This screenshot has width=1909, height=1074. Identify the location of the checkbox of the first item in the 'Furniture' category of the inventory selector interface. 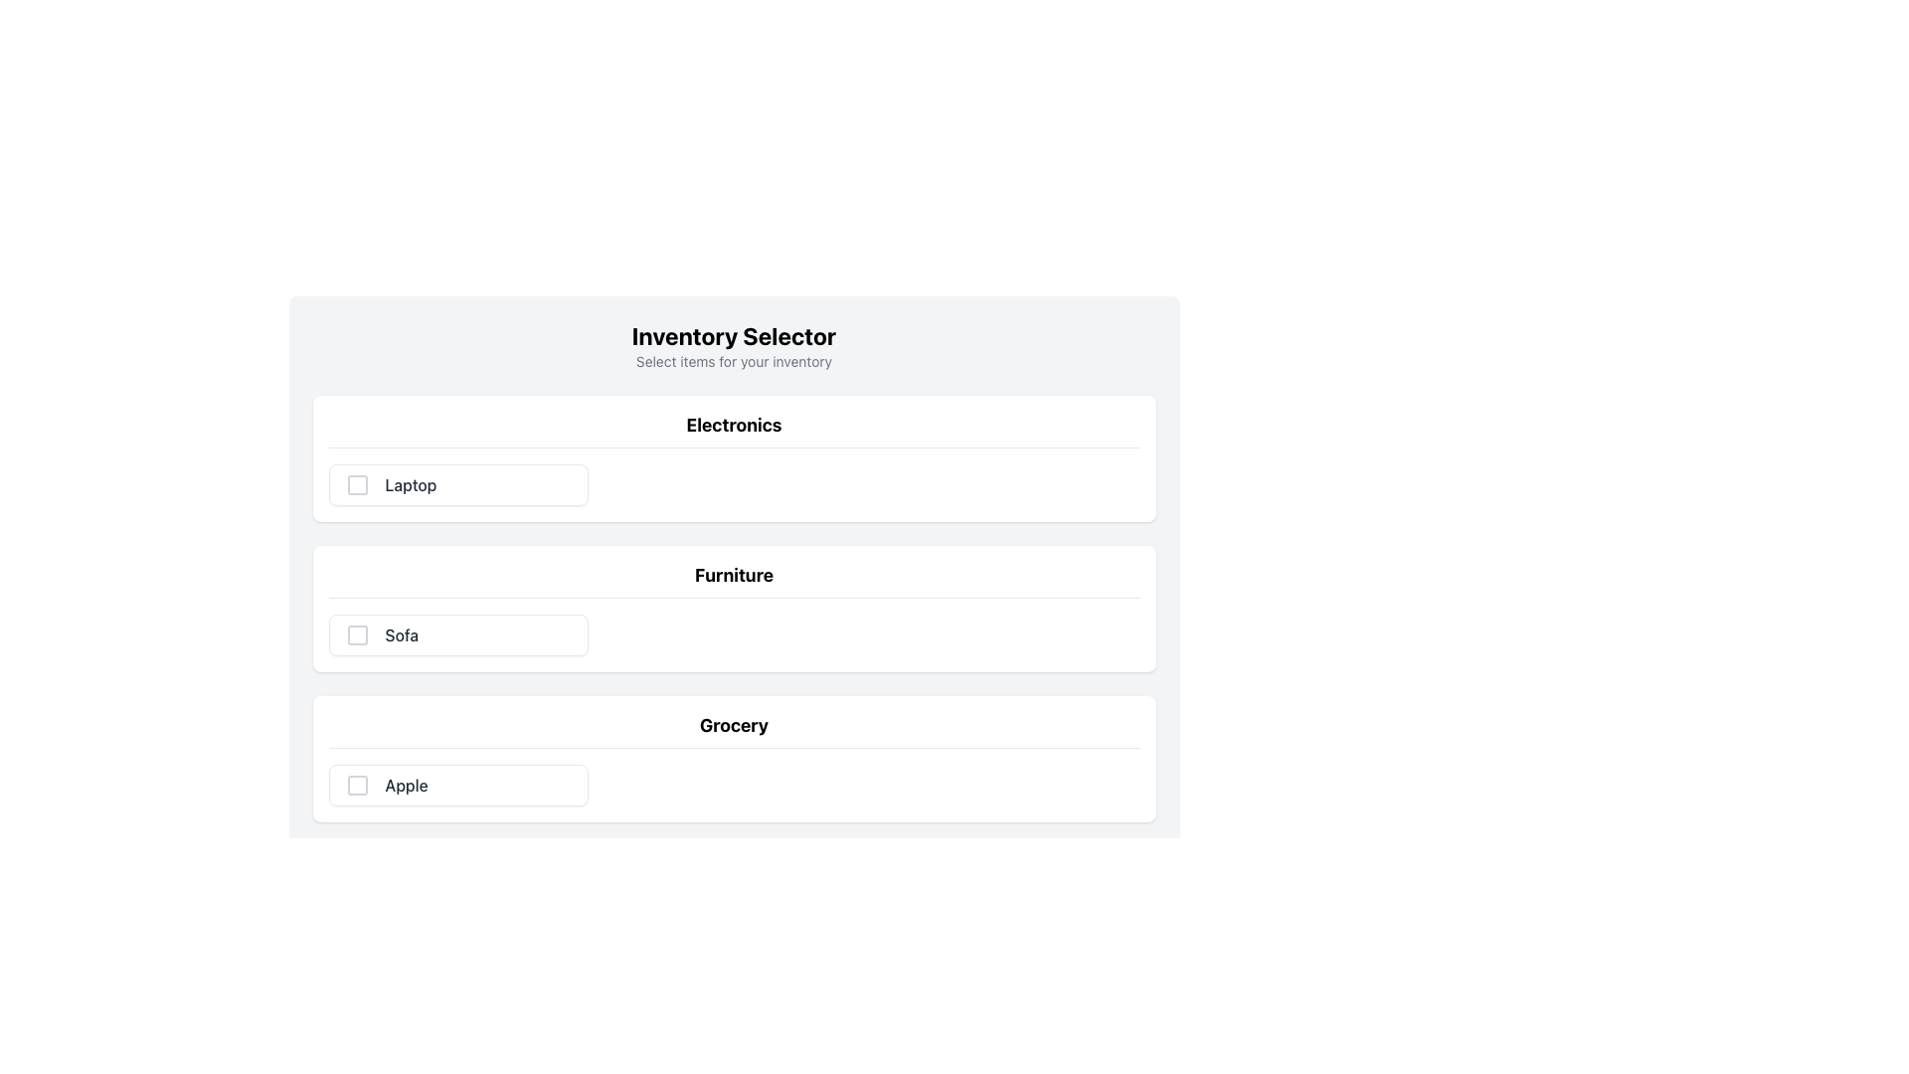
(457, 635).